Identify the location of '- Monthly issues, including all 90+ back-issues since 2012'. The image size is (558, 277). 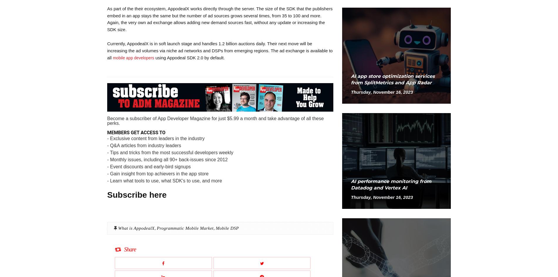
(167, 159).